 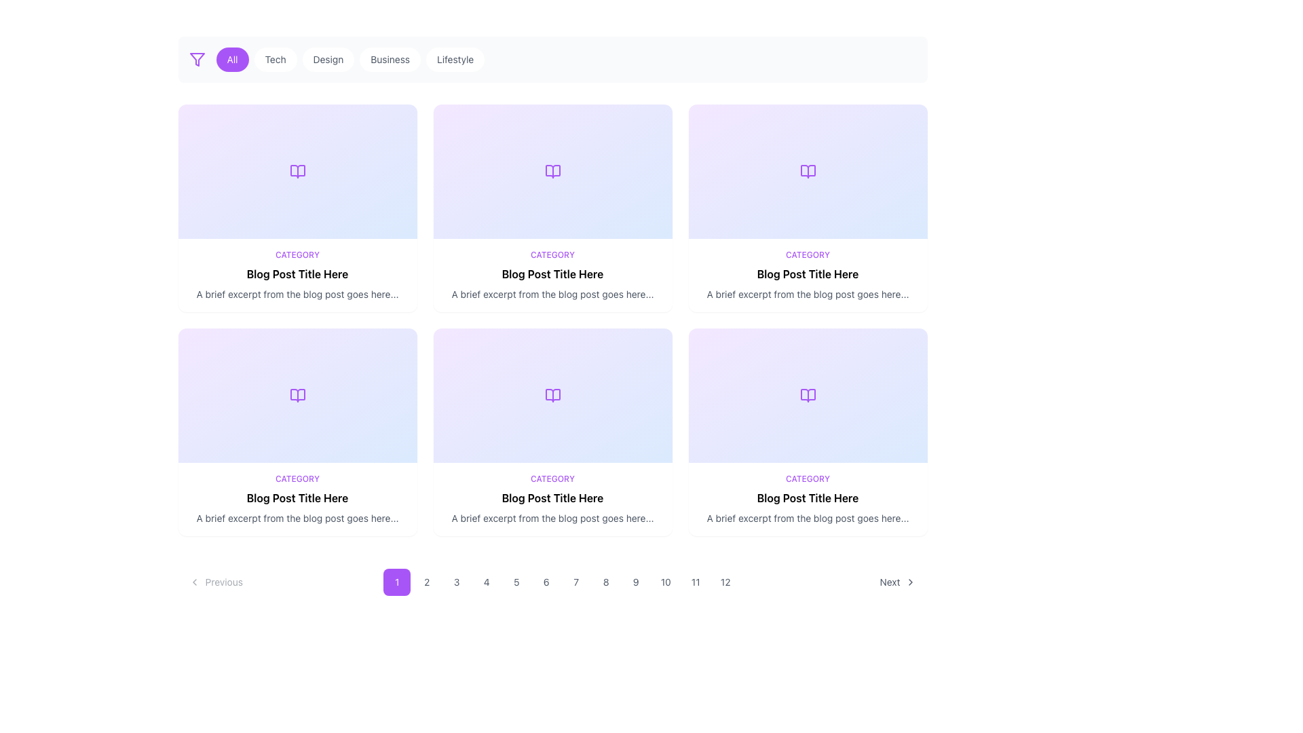 I want to click on the rounded rectangular button labeled 'Design' to change its background color to light purple, so click(x=328, y=59).